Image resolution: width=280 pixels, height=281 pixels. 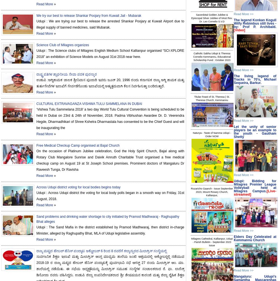 I want to click on 'Free Medical Checkup Camp organised at Bajal Church', so click(x=78, y=145).